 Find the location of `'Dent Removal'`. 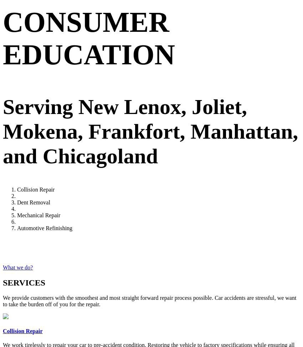

'Dent Removal' is located at coordinates (33, 202).